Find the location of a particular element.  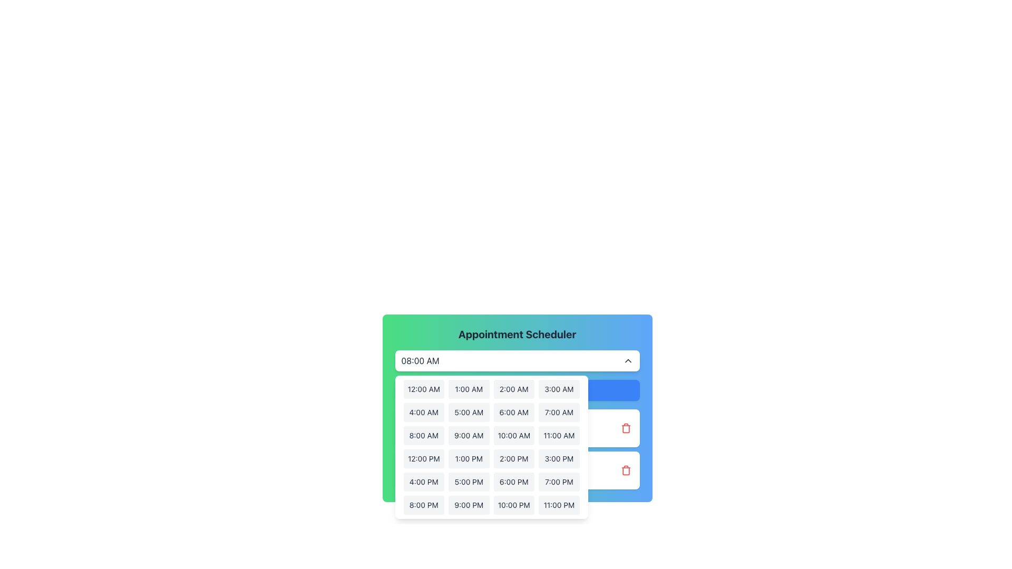

the dropdown menu for selecting a time in the Appointment Scheduler is located at coordinates (517, 360).